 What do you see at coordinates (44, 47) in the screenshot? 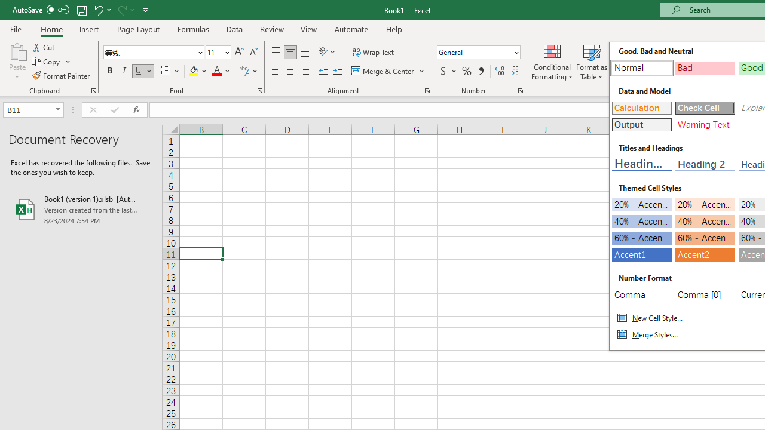
I see `'Cut'` at bounding box center [44, 47].